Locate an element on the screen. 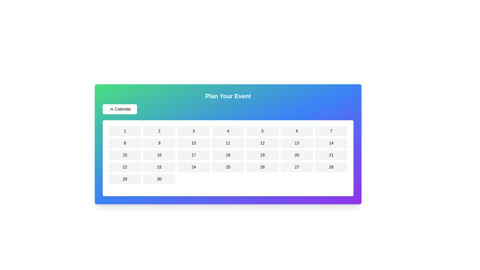  the rectangular button with rounded edges displaying the number '20' in black text, located in the fourth row and sixth column of the calendar grid layout, to change its background color is located at coordinates (297, 155).